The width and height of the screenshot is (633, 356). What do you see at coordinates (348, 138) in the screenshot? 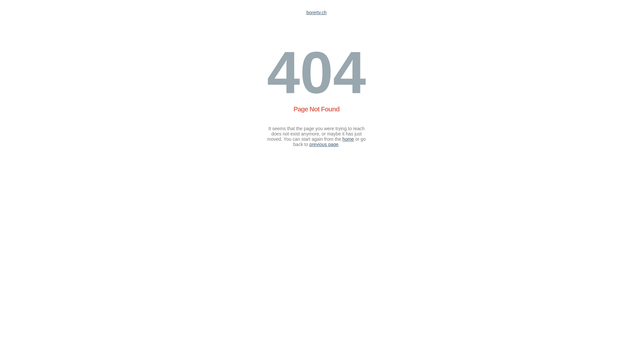
I see `'home'` at bounding box center [348, 138].